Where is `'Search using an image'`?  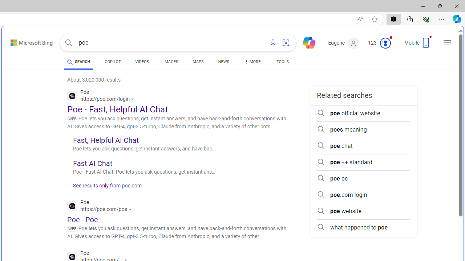
'Search using an image' is located at coordinates (286, 43).